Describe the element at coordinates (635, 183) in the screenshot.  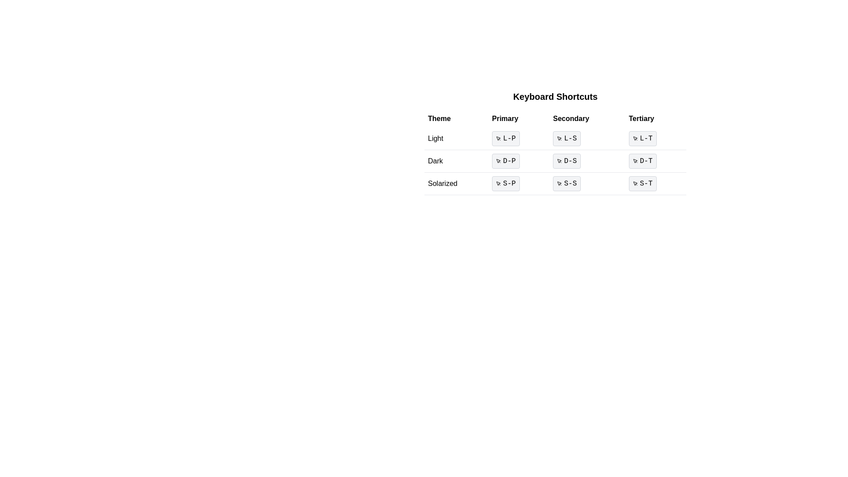
I see `the small icon resembling a mouse pointer arrow, located inside the 'S-T' button in the Keyboard Shortcuts section, positioned in the third row and third column of the grid layout` at that location.